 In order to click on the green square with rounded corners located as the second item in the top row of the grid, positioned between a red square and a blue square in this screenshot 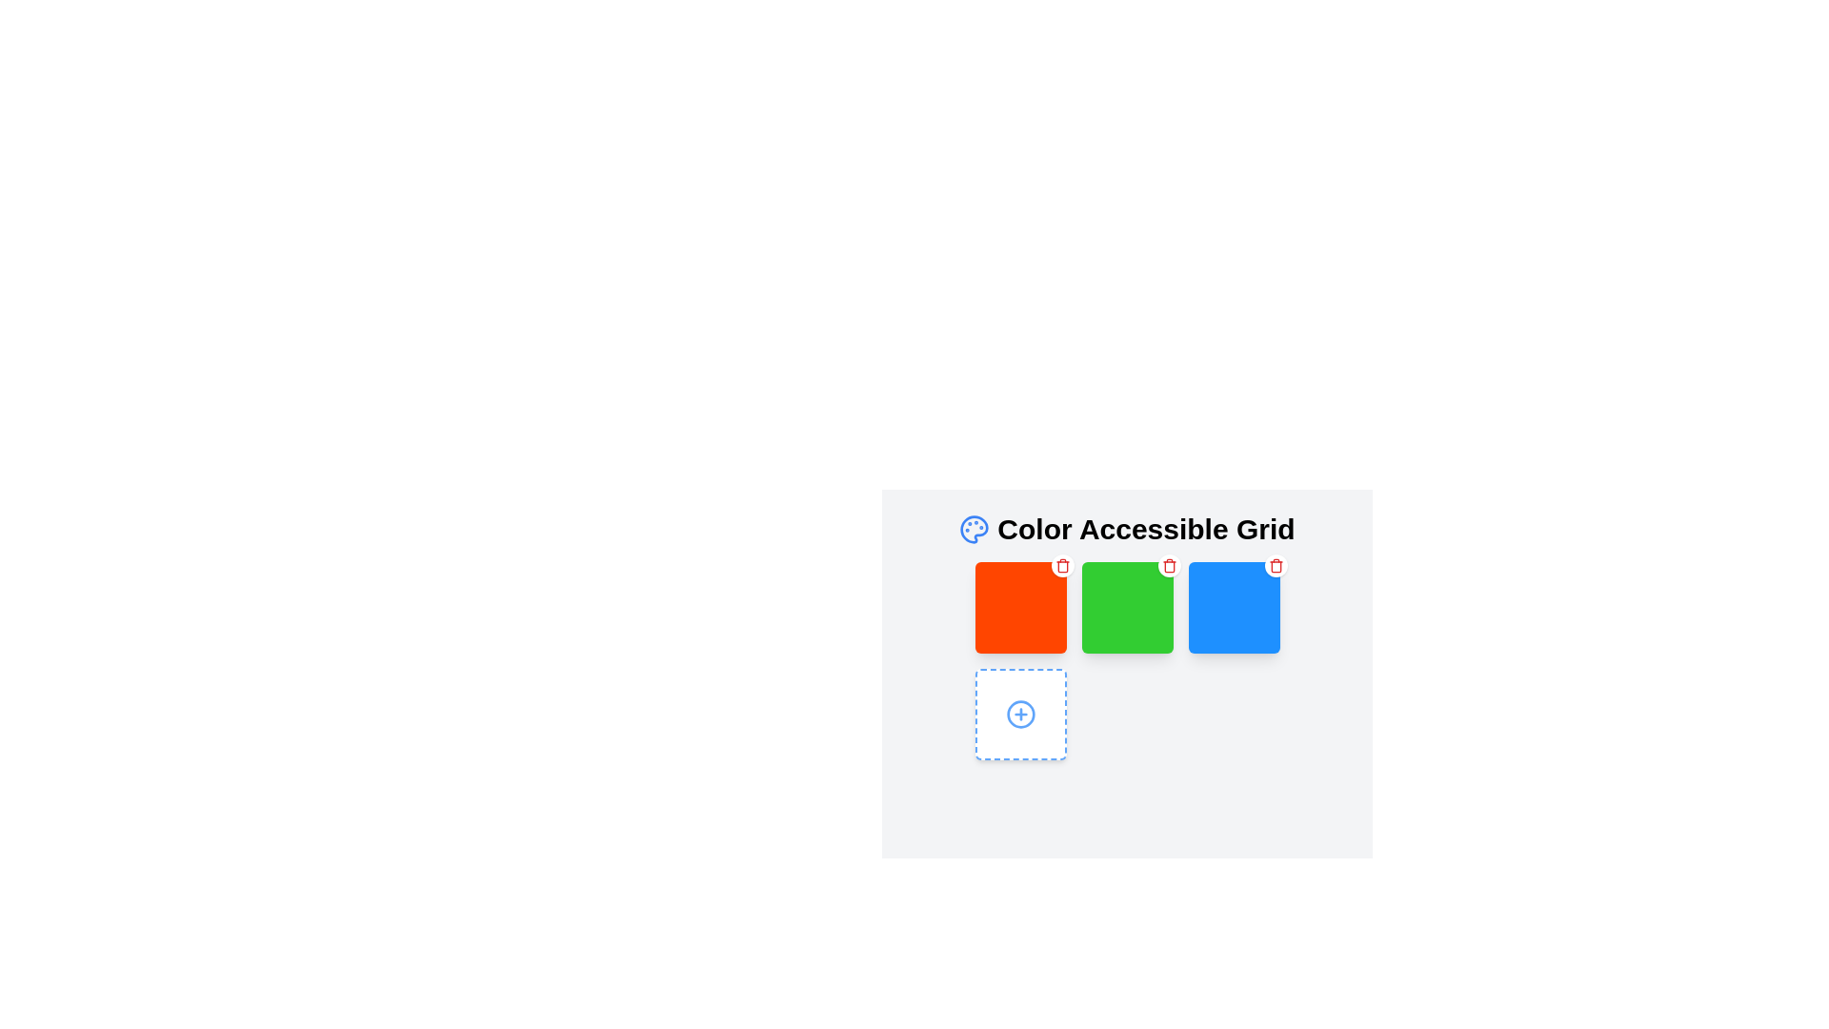, I will do `click(1127, 607)`.